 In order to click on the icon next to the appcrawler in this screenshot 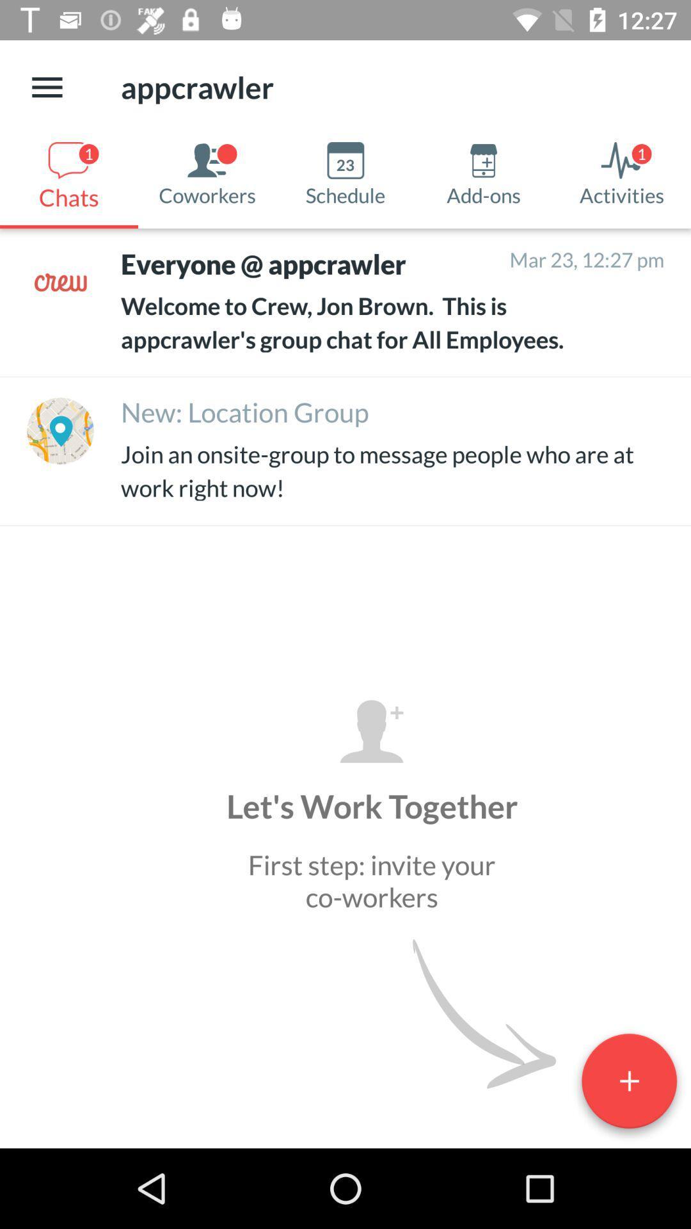, I will do `click(46, 86)`.